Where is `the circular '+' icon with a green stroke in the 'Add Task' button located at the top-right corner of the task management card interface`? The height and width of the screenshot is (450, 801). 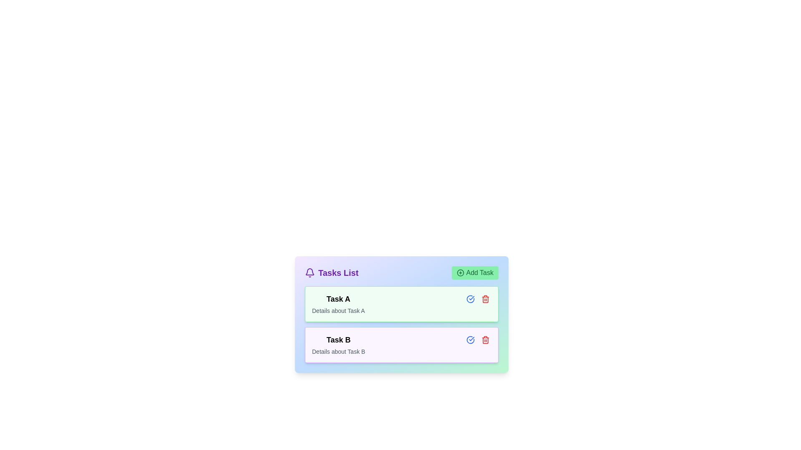 the circular '+' icon with a green stroke in the 'Add Task' button located at the top-right corner of the task management card interface is located at coordinates (460, 273).